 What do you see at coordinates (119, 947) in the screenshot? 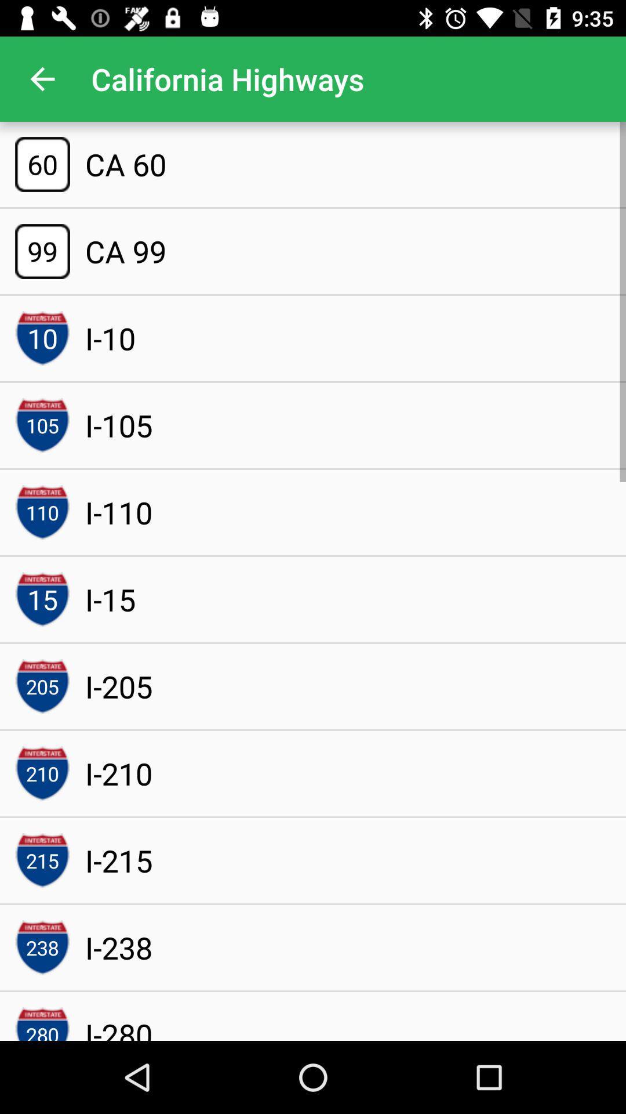
I see `the icon below i-215` at bounding box center [119, 947].